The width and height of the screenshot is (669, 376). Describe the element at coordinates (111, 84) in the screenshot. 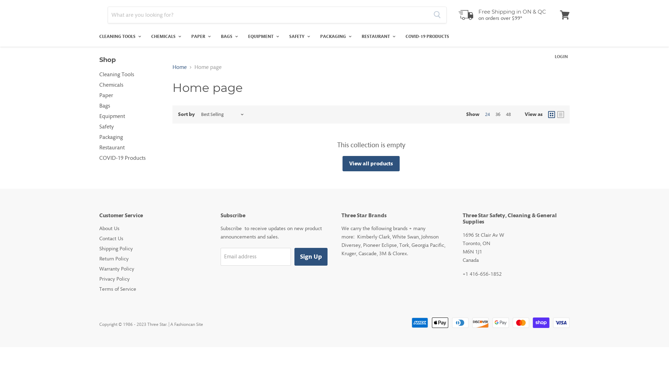

I see `'Chemicals'` at that location.